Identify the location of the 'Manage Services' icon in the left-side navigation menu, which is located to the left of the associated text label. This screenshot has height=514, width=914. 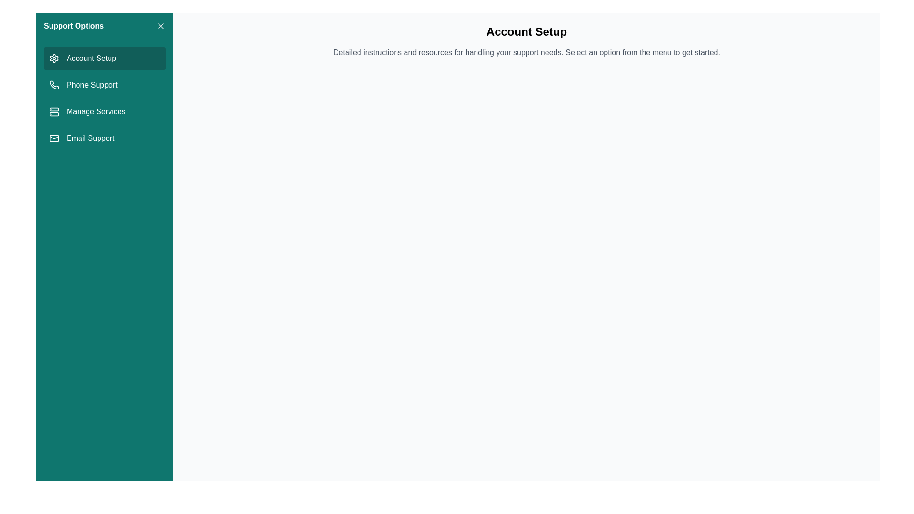
(54, 111).